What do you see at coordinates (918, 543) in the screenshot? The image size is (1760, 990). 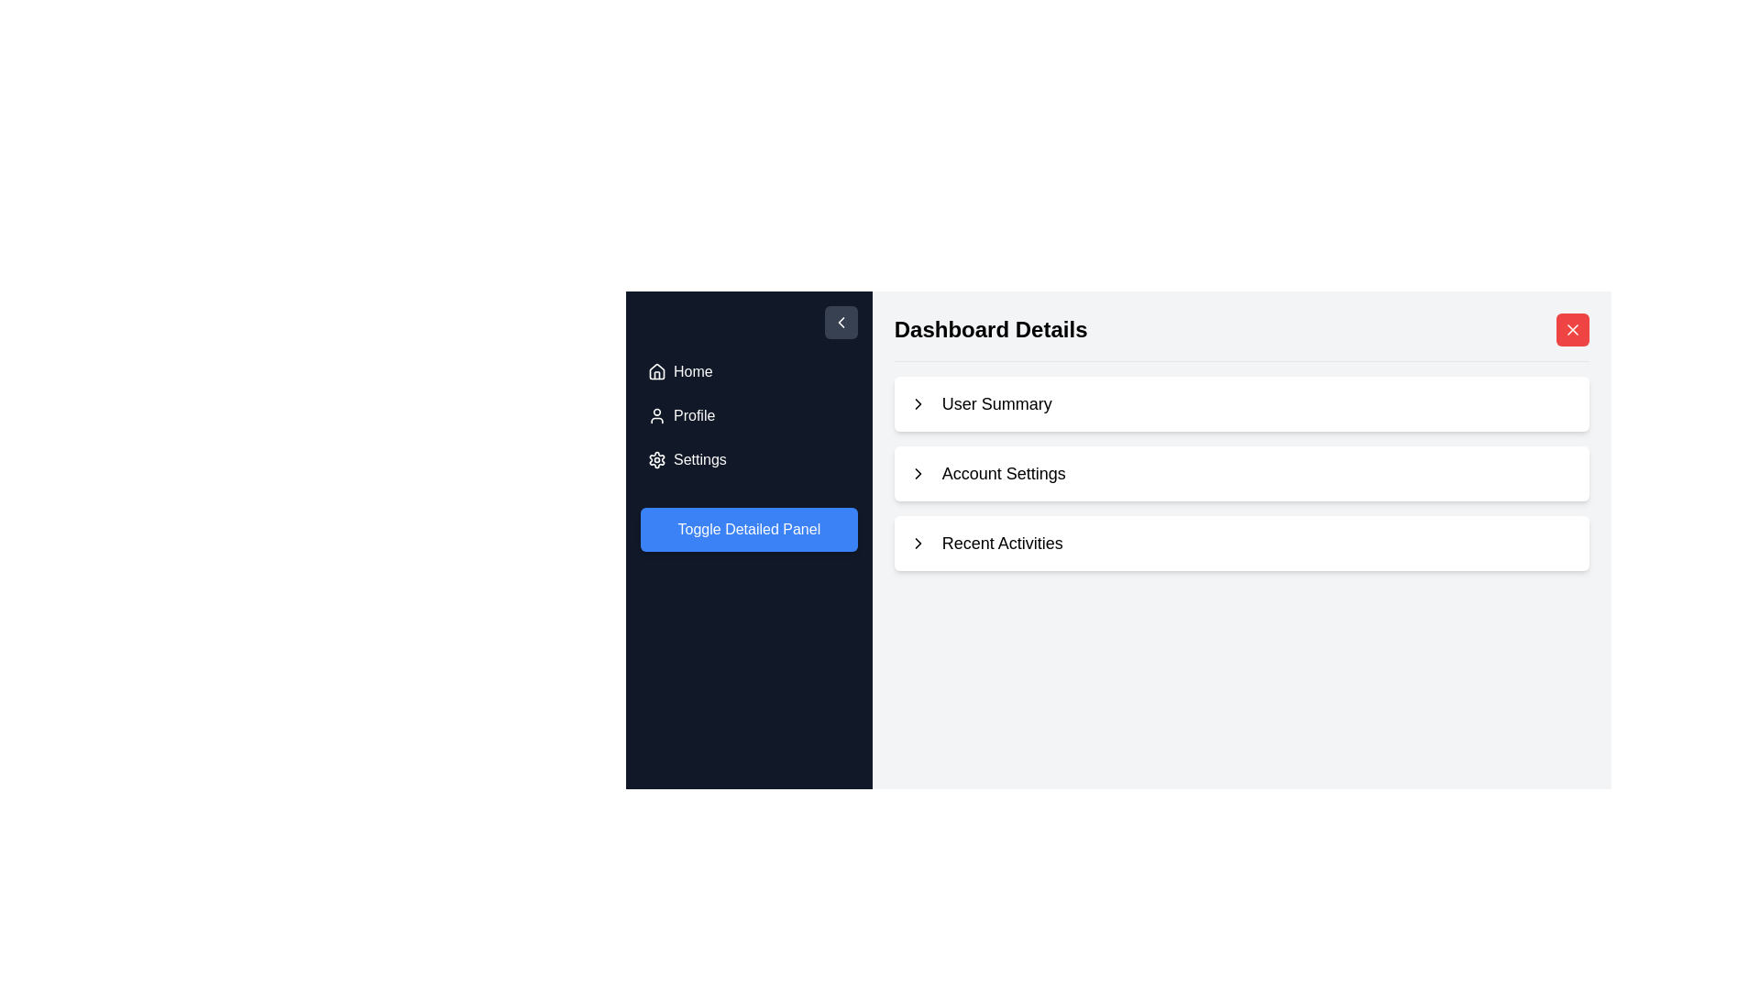 I see `the right-pointing chevron icon located near the 'Recent Activities' label in the third item of the list on the right panel for keyboard navigation` at bounding box center [918, 543].